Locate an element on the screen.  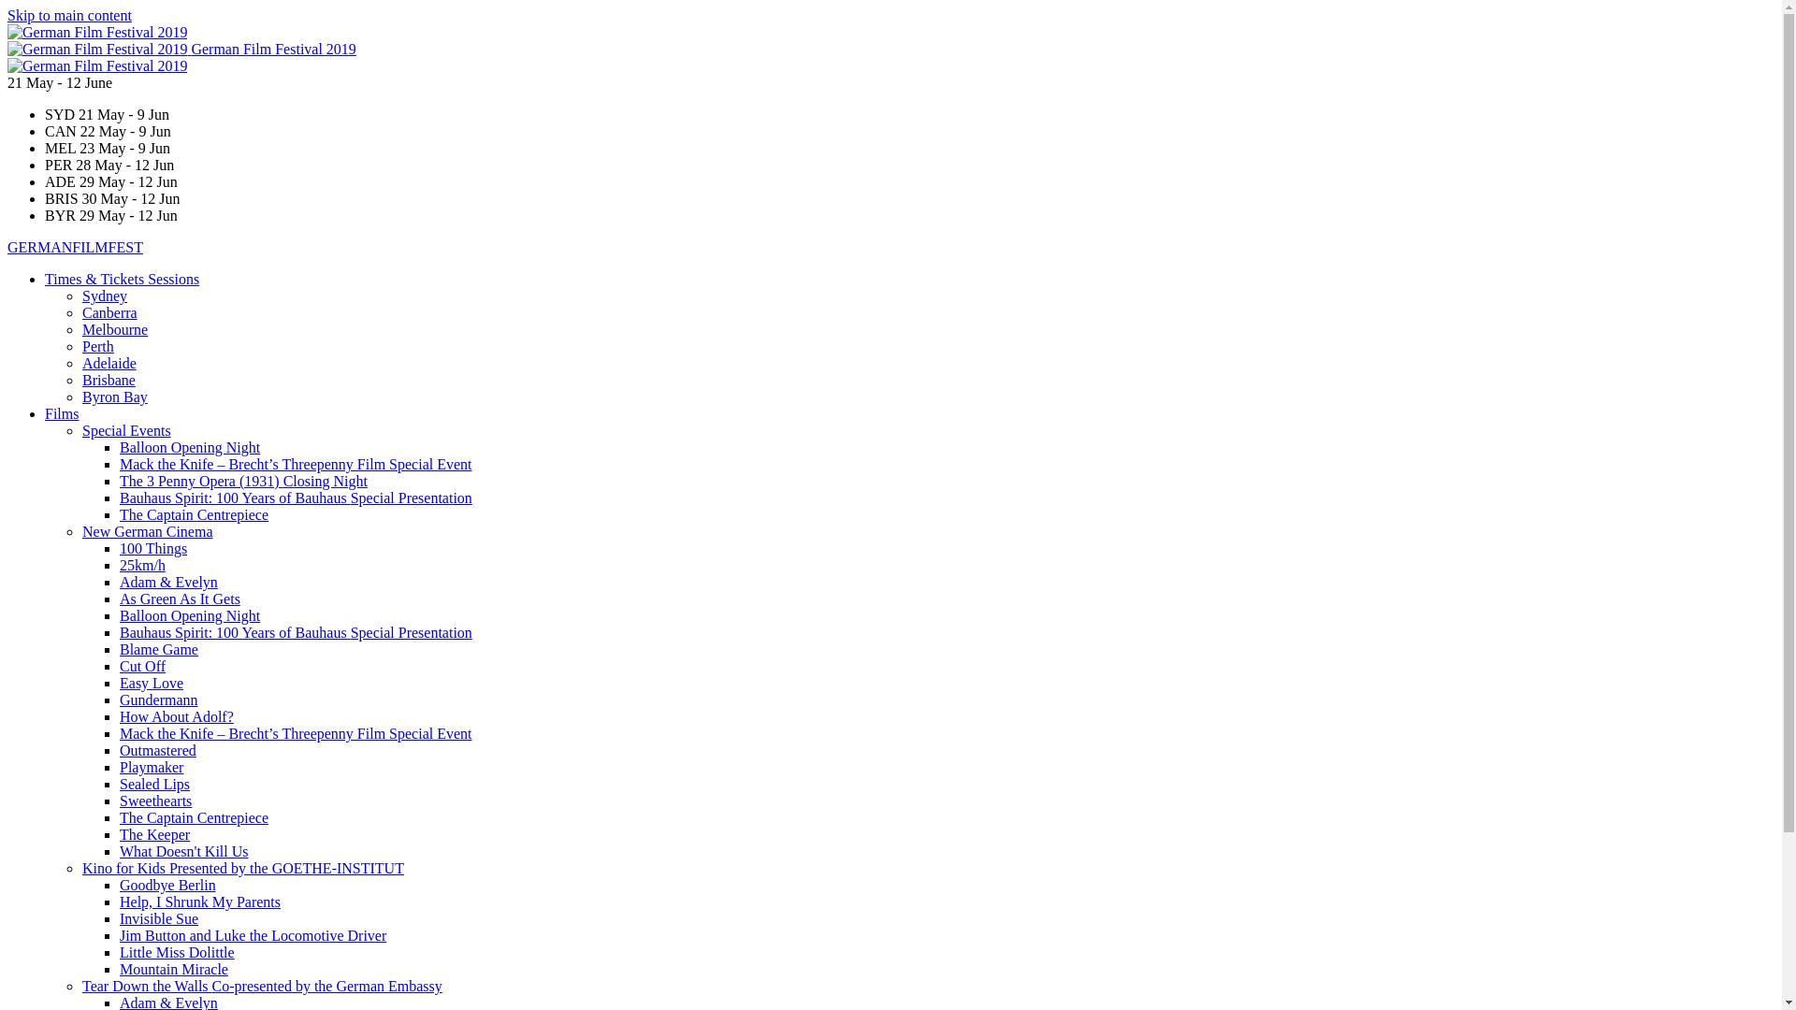
'German Film Festival 2019' is located at coordinates (96, 65).